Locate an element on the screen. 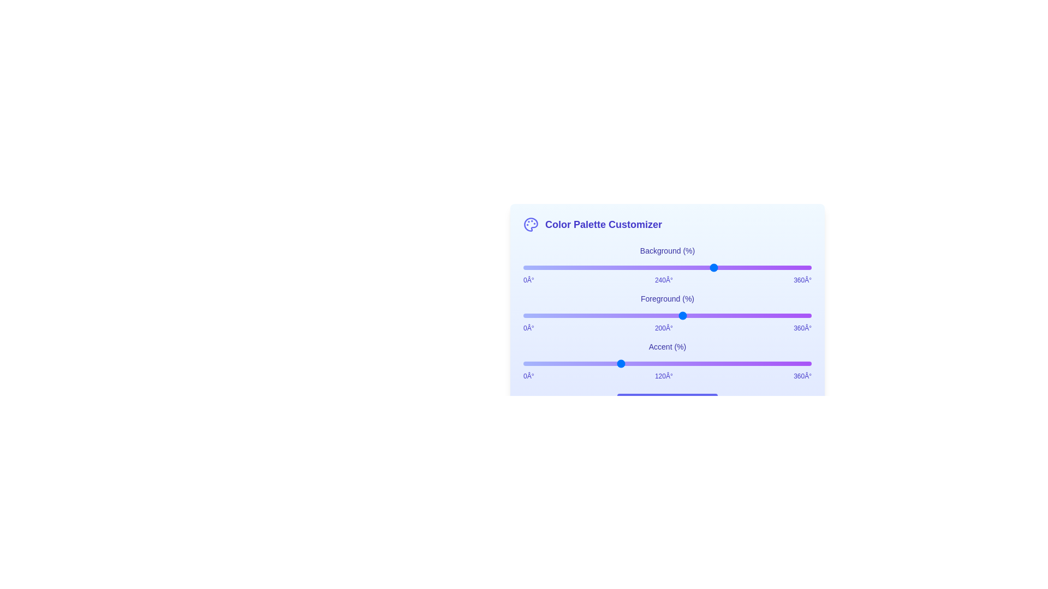 This screenshot has width=1048, height=589. the background color slider to set the hue to 1 degrees is located at coordinates (524, 267).